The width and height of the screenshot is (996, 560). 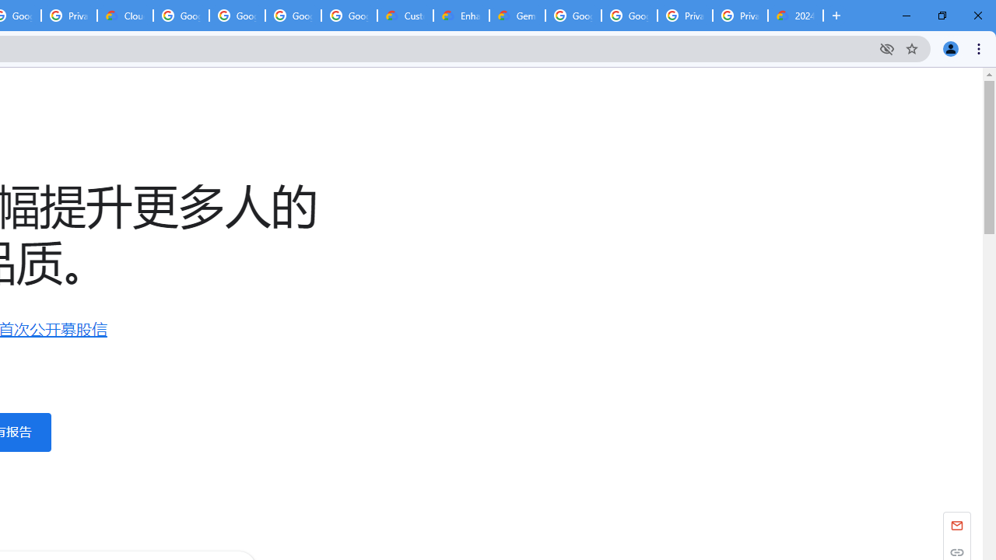 What do you see at coordinates (517, 16) in the screenshot?
I see `'Gemini for Business and Developers | Google Cloud'` at bounding box center [517, 16].